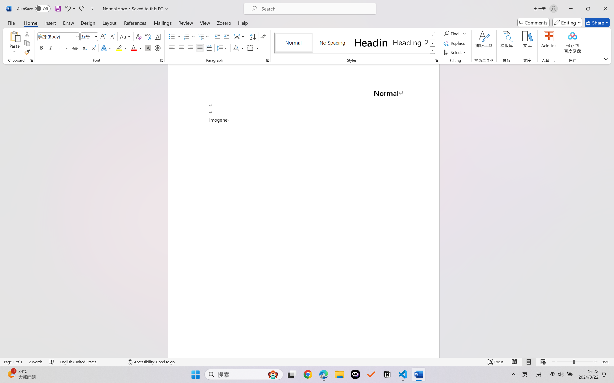  Describe the element at coordinates (31, 60) in the screenshot. I see `'Office Clipboard...'` at that location.